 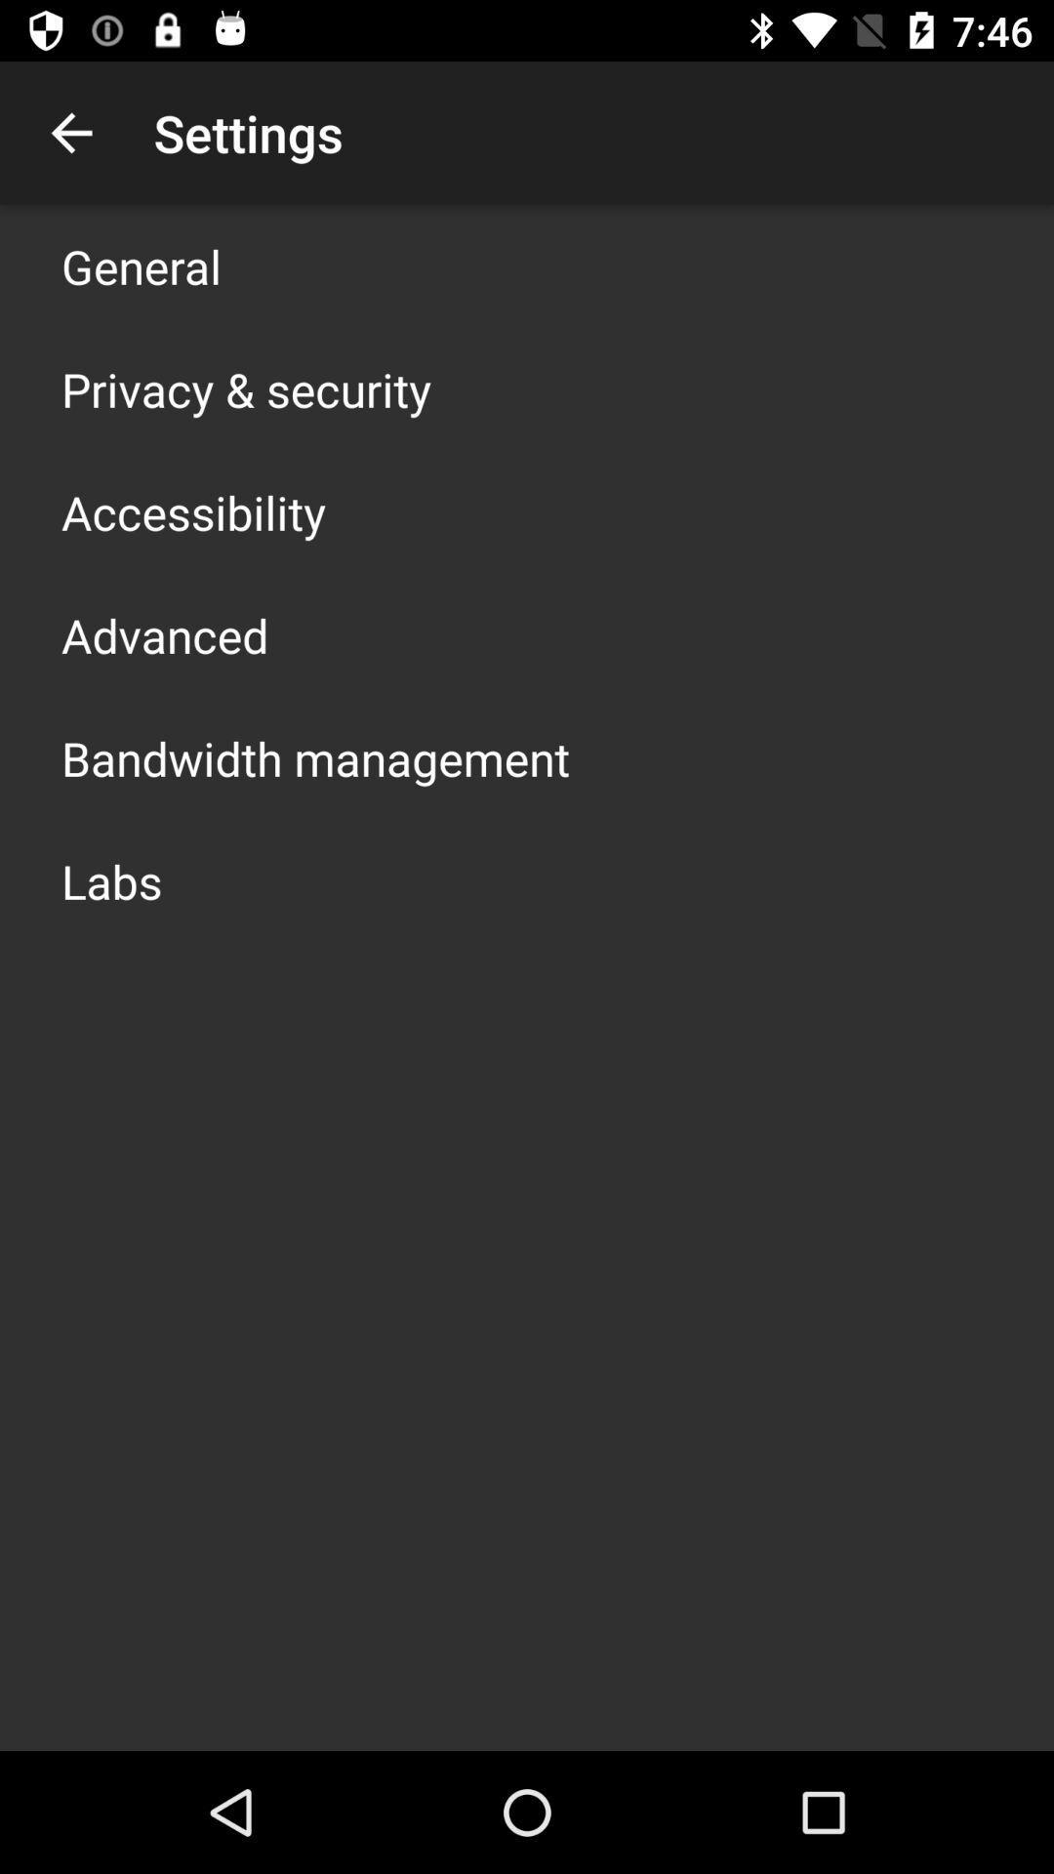 I want to click on the item above bandwidth management icon, so click(x=164, y=635).